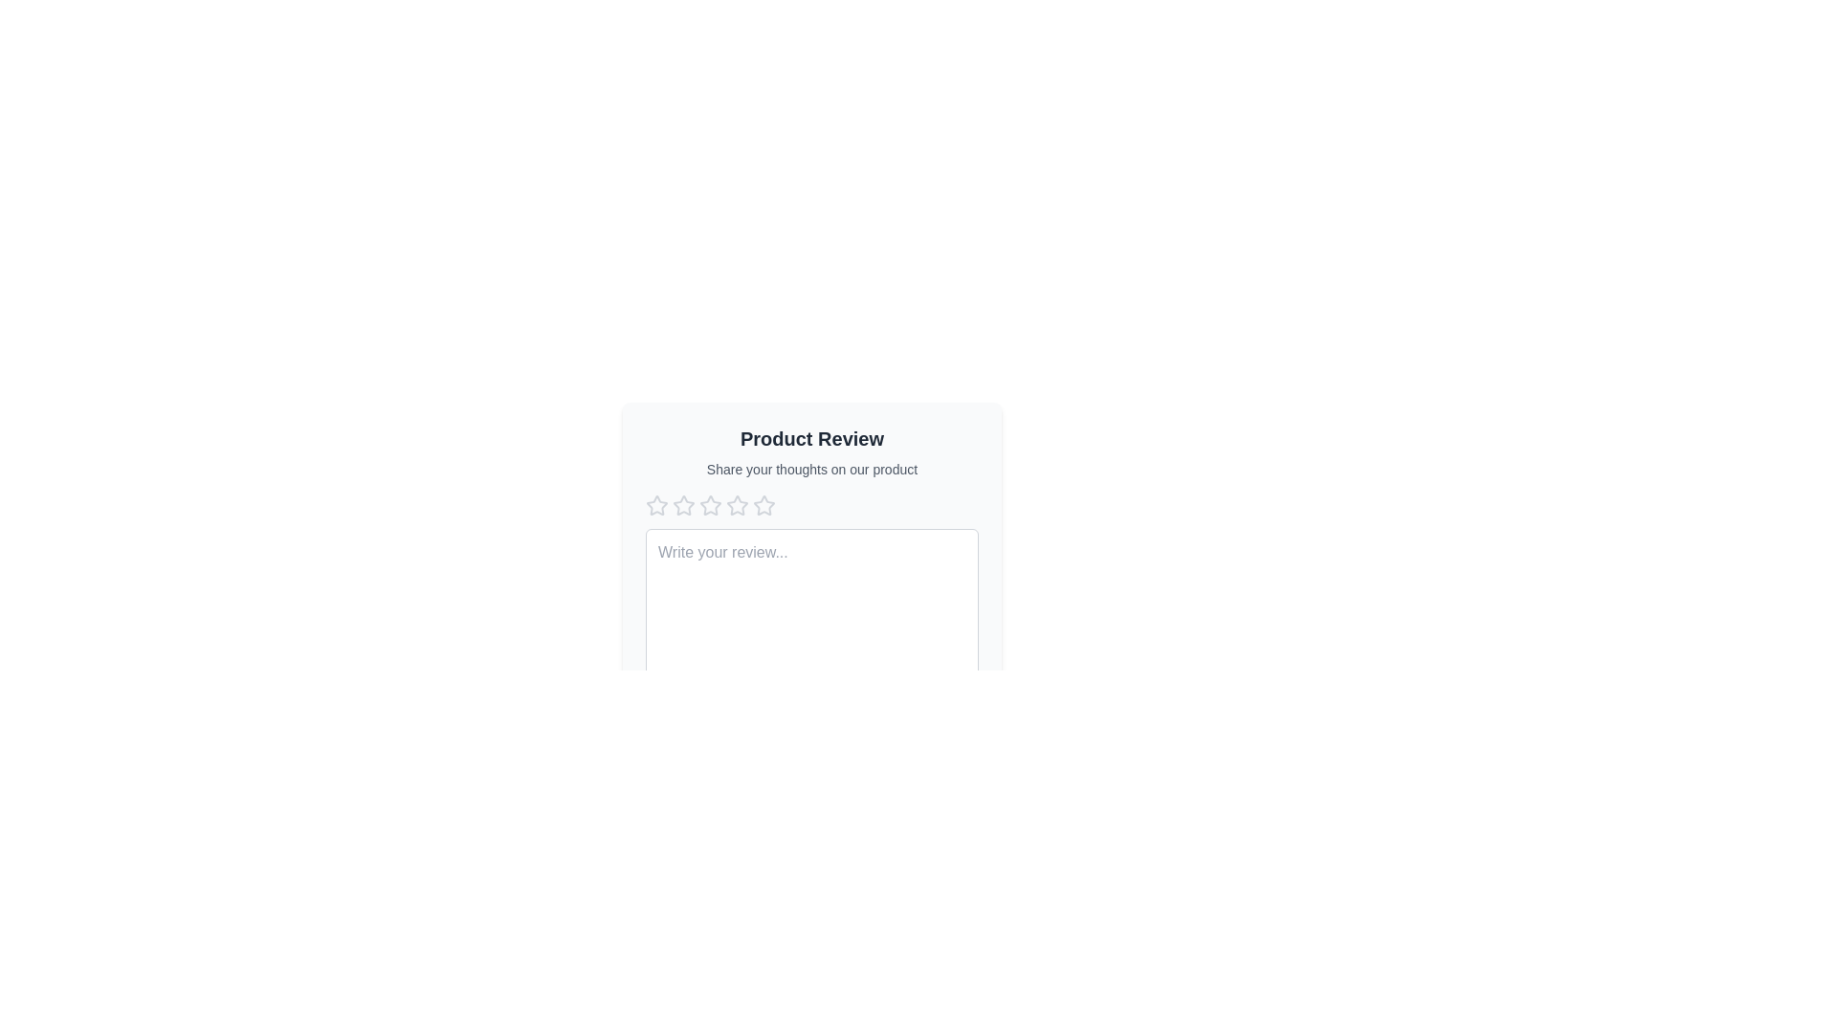 This screenshot has width=1837, height=1033. Describe the element at coordinates (684, 504) in the screenshot. I see `the first star icon representing a one-star rating option located below the text 'Share your thoughts on our product'` at that location.